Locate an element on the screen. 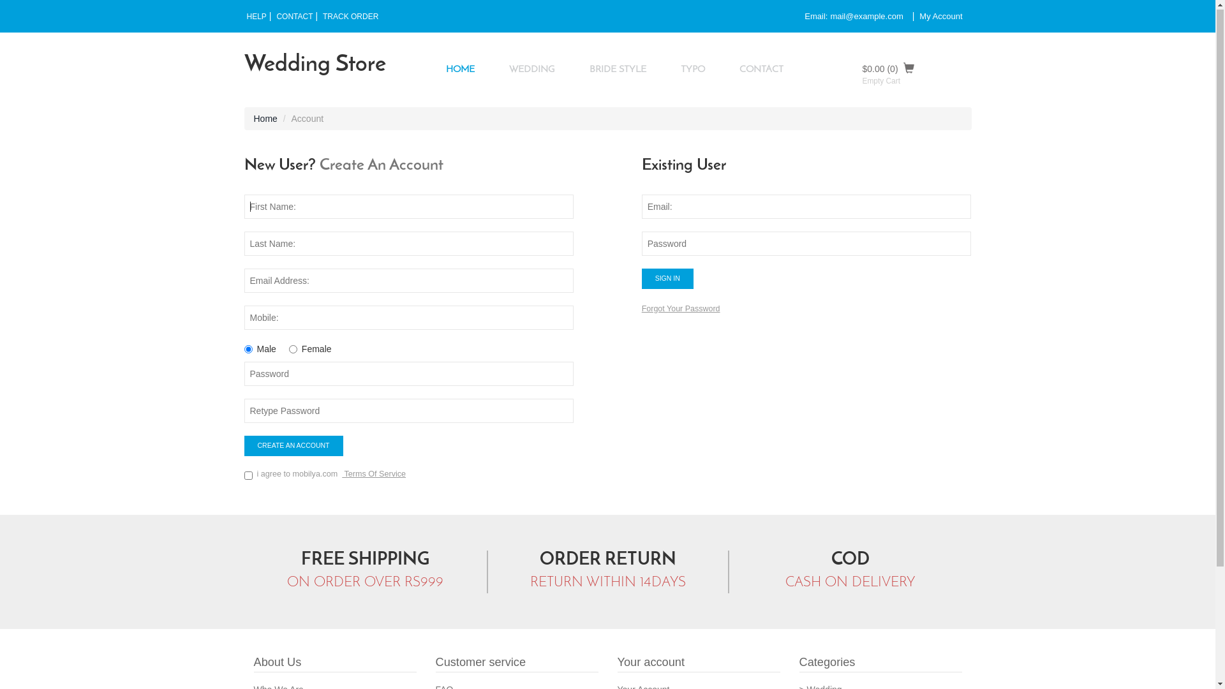  'BRIDE STYLE' is located at coordinates (572, 70).